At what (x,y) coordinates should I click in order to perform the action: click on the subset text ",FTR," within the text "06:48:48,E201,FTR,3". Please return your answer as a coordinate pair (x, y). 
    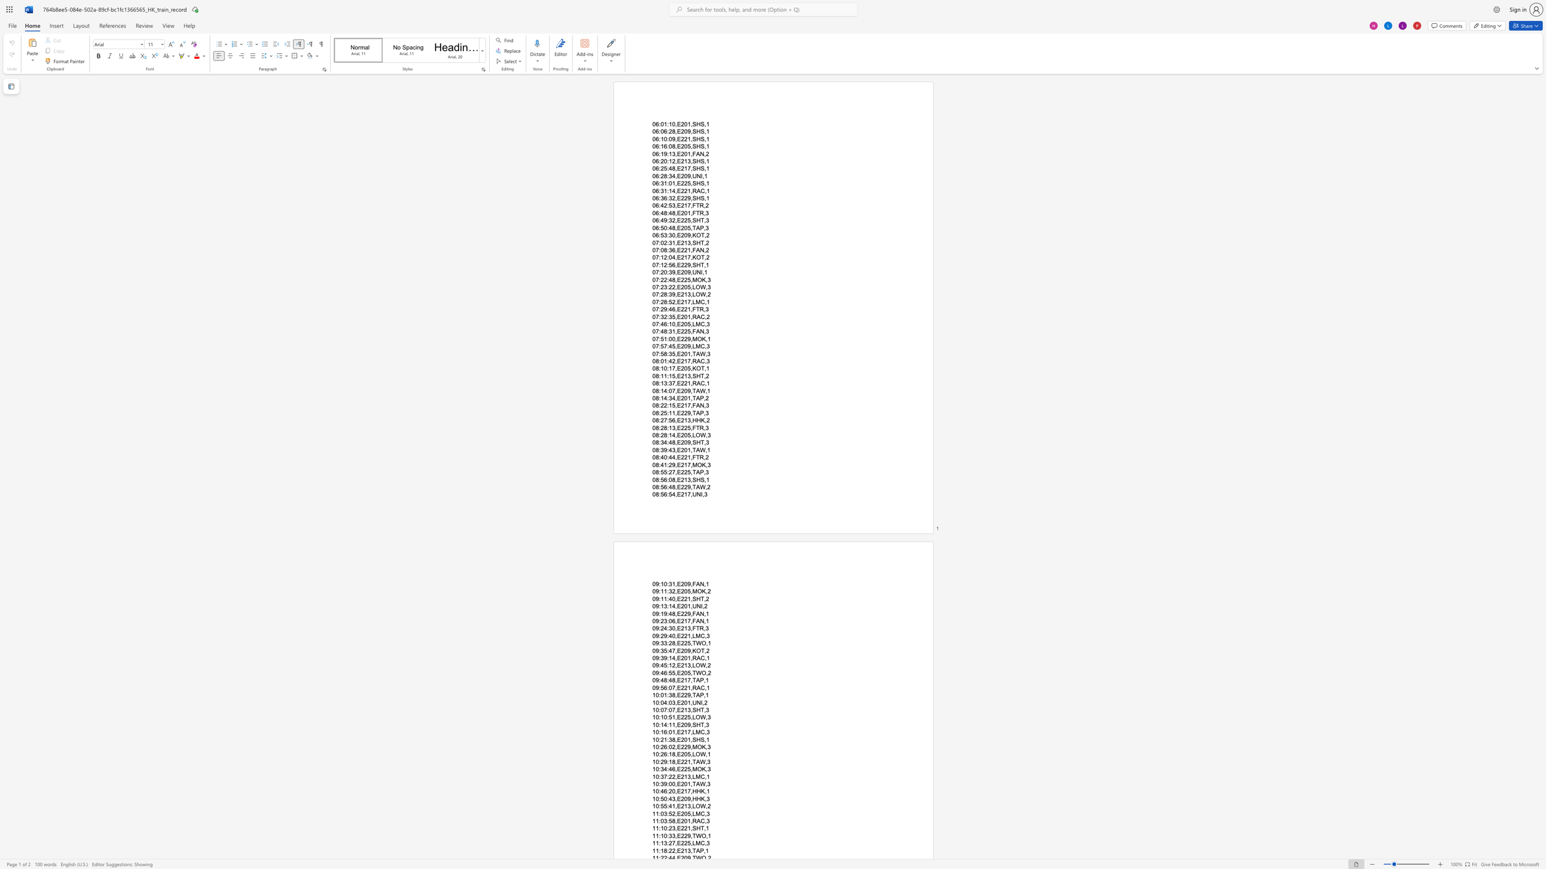
    Looking at the image, I should click on (690, 212).